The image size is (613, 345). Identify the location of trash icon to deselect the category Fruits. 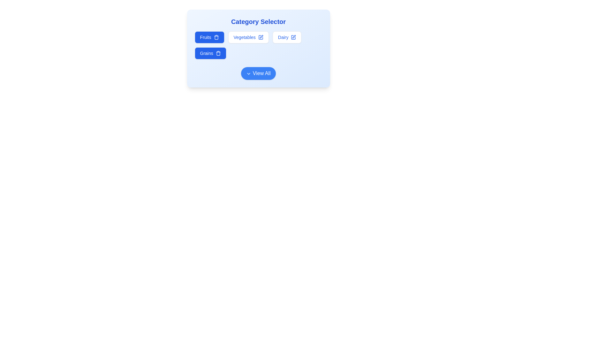
(216, 37).